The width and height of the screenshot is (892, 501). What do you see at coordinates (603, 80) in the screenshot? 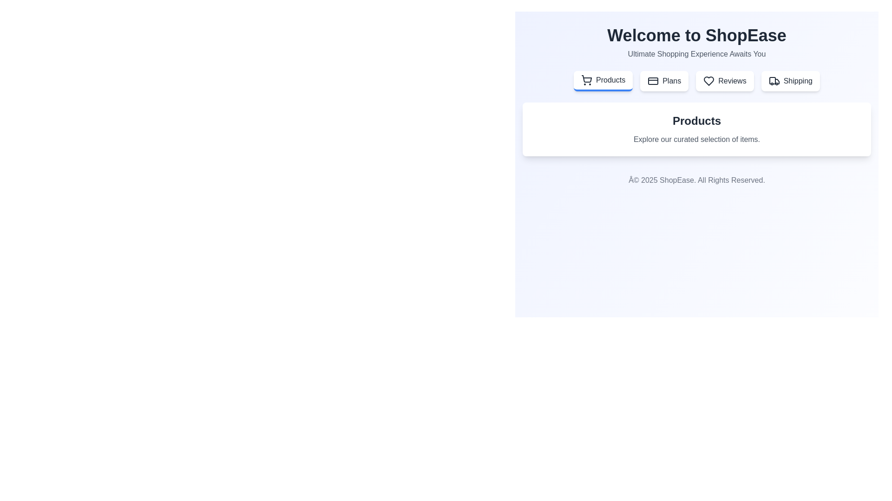
I see `the 'Products' button` at bounding box center [603, 80].